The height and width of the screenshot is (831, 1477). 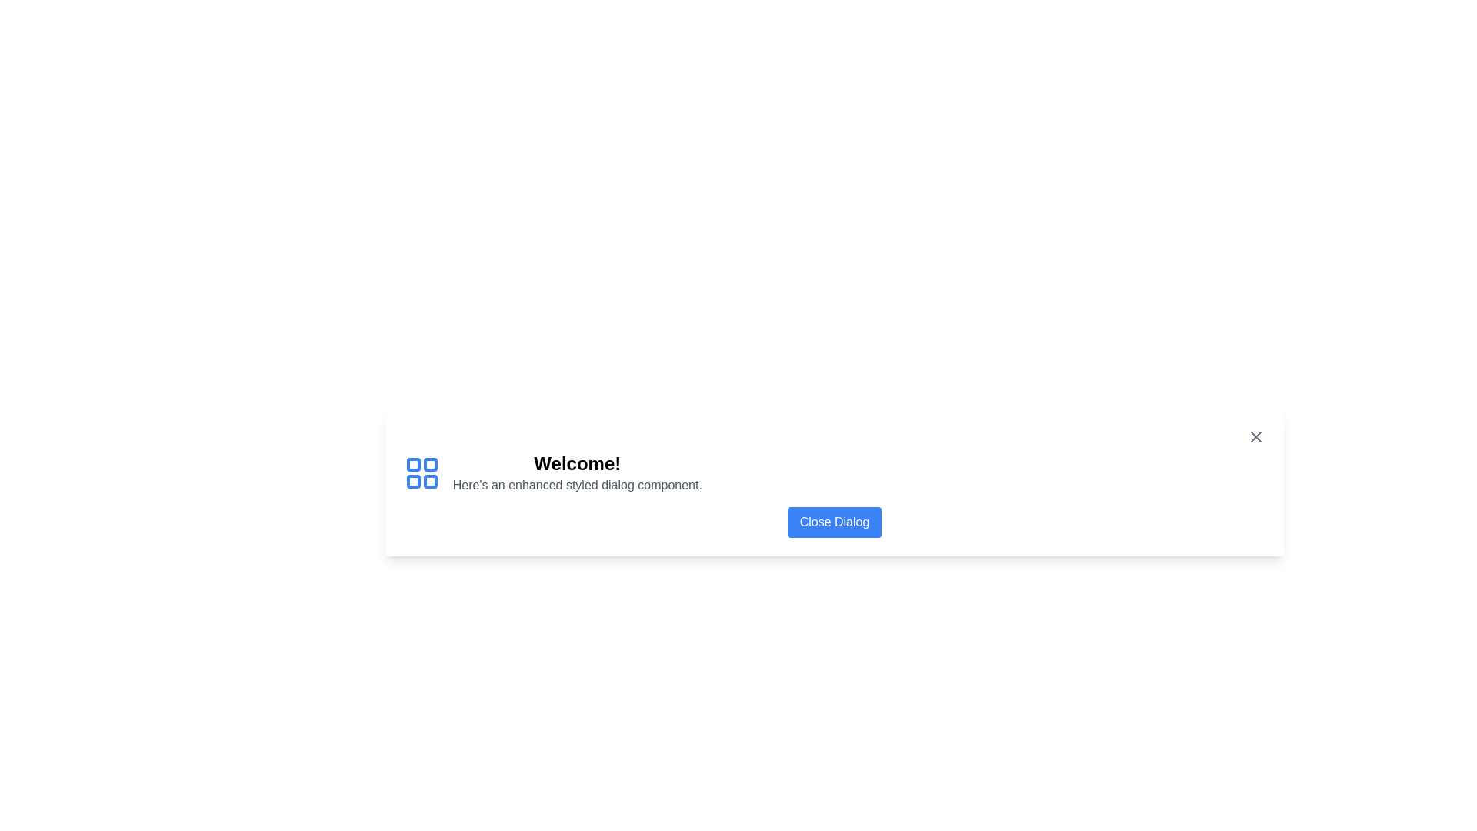 What do you see at coordinates (576, 485) in the screenshot?
I see `the text element displaying the sentence 'Here's an enhanced styled dialog component.'` at bounding box center [576, 485].